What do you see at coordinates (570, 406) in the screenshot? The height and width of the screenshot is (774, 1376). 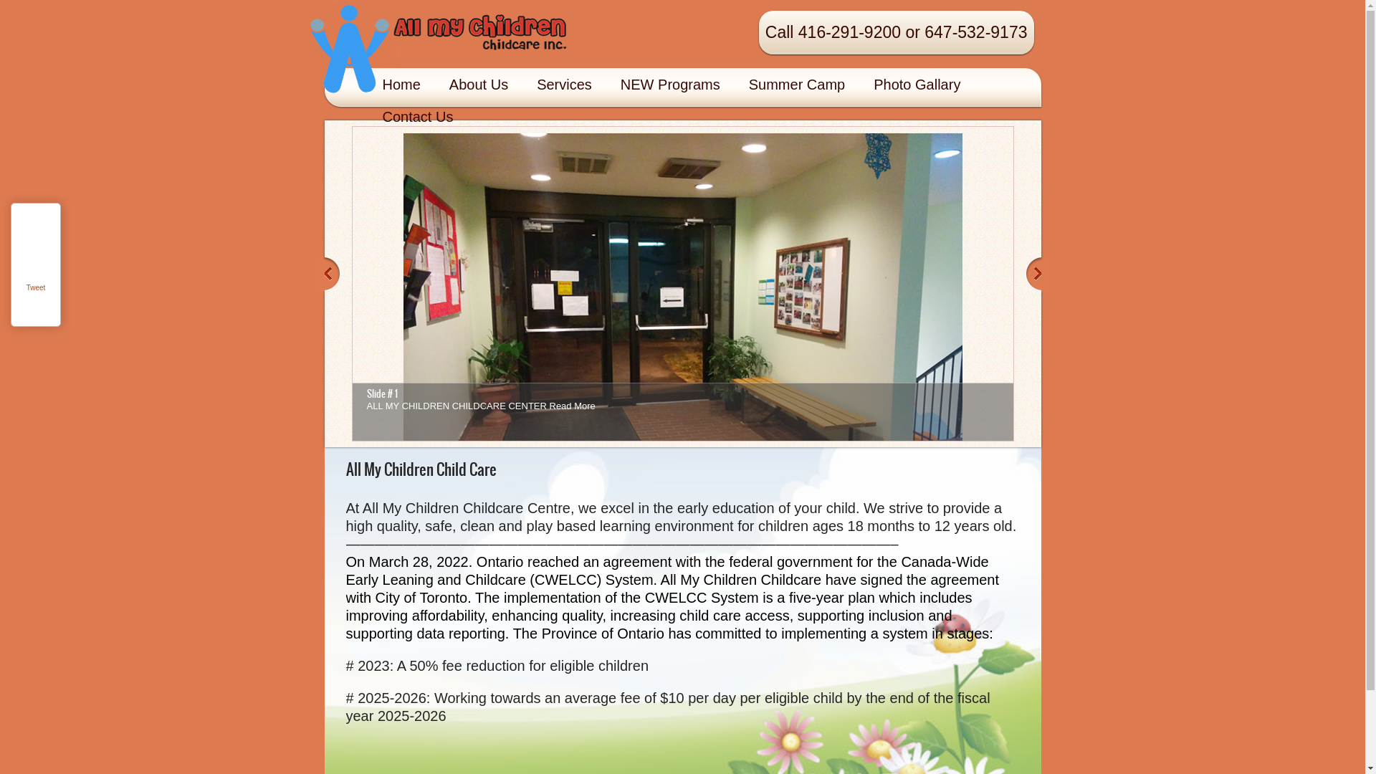 I see `'Read More'` at bounding box center [570, 406].